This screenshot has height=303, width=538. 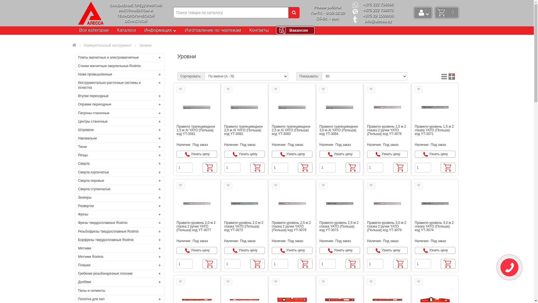 What do you see at coordinates (364, 20) in the screenshot?
I see `'info@alessa.by'` at bounding box center [364, 20].